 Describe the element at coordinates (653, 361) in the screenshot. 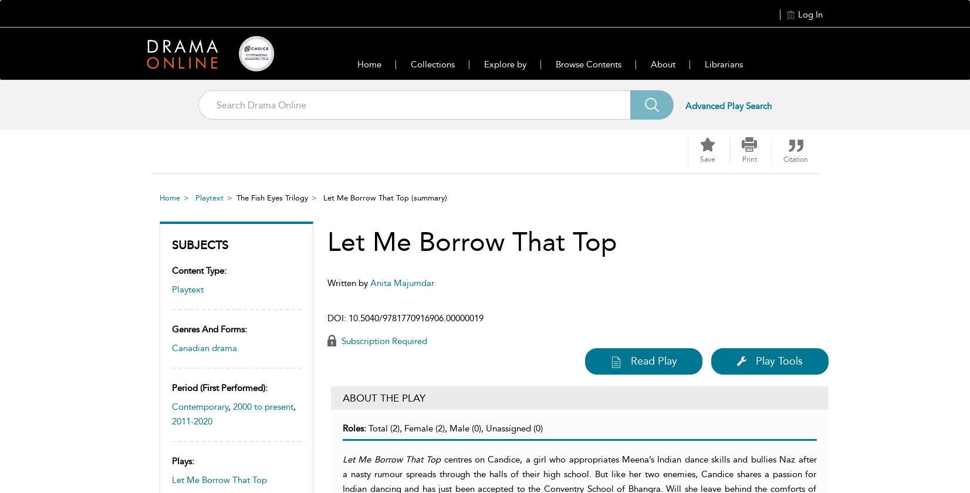

I see `'Read Play'` at that location.